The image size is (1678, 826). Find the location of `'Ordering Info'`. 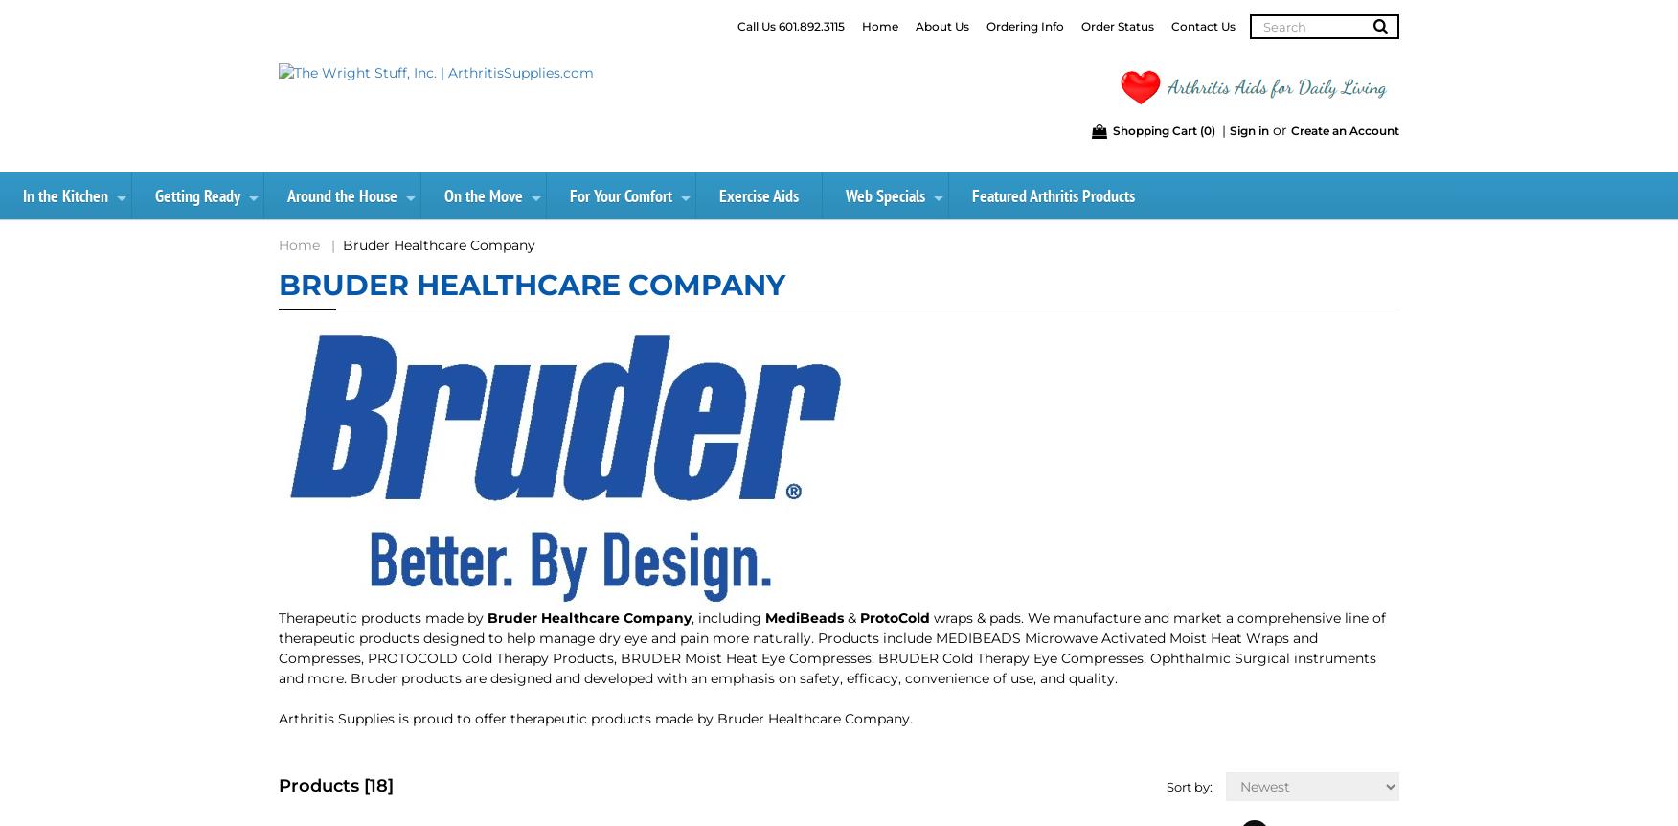

'Ordering Info' is located at coordinates (1025, 26).